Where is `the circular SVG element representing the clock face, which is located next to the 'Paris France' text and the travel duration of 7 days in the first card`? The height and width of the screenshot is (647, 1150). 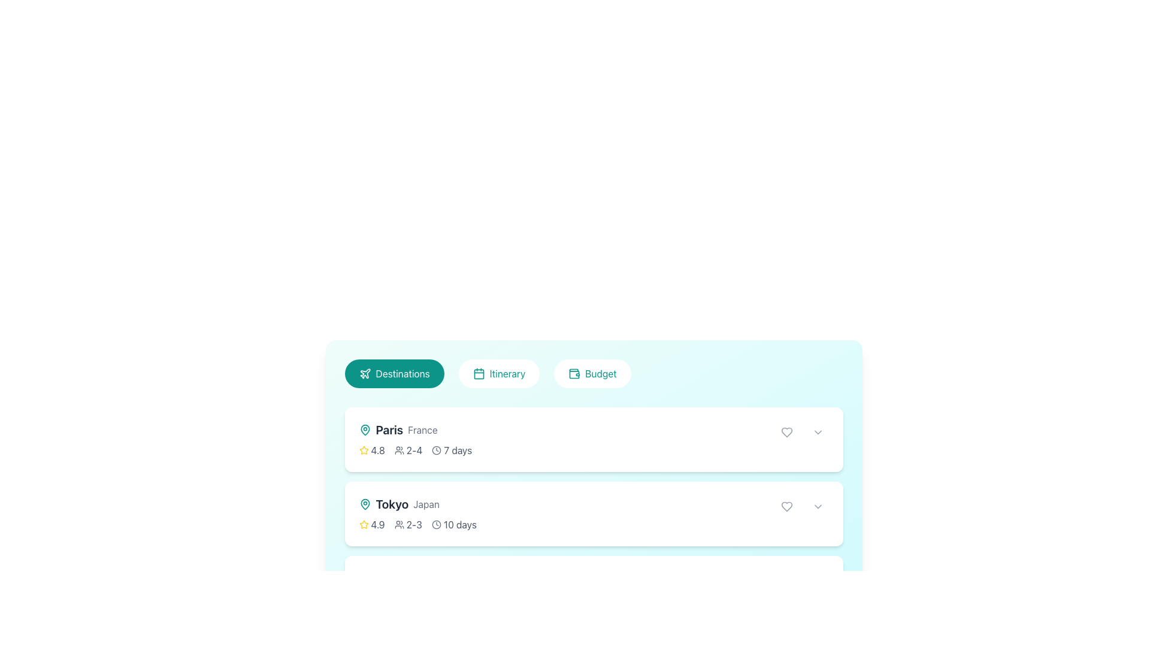
the circular SVG element representing the clock face, which is located next to the 'Paris France' text and the travel duration of 7 days in the first card is located at coordinates (436, 451).